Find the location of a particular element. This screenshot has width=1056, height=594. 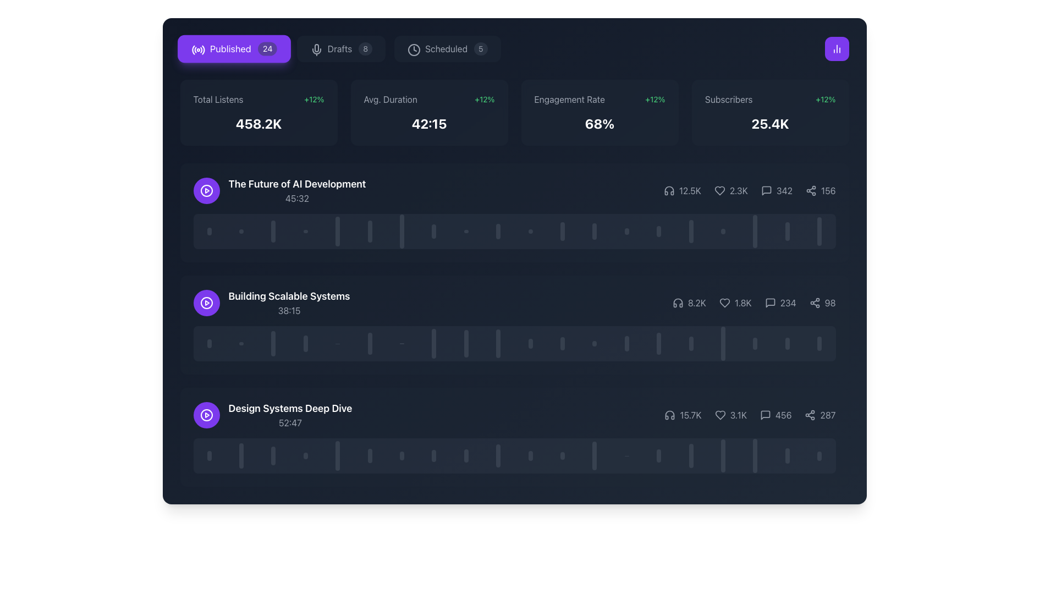

the sharing icon located to the right of the comment and like icons is located at coordinates (811, 190).